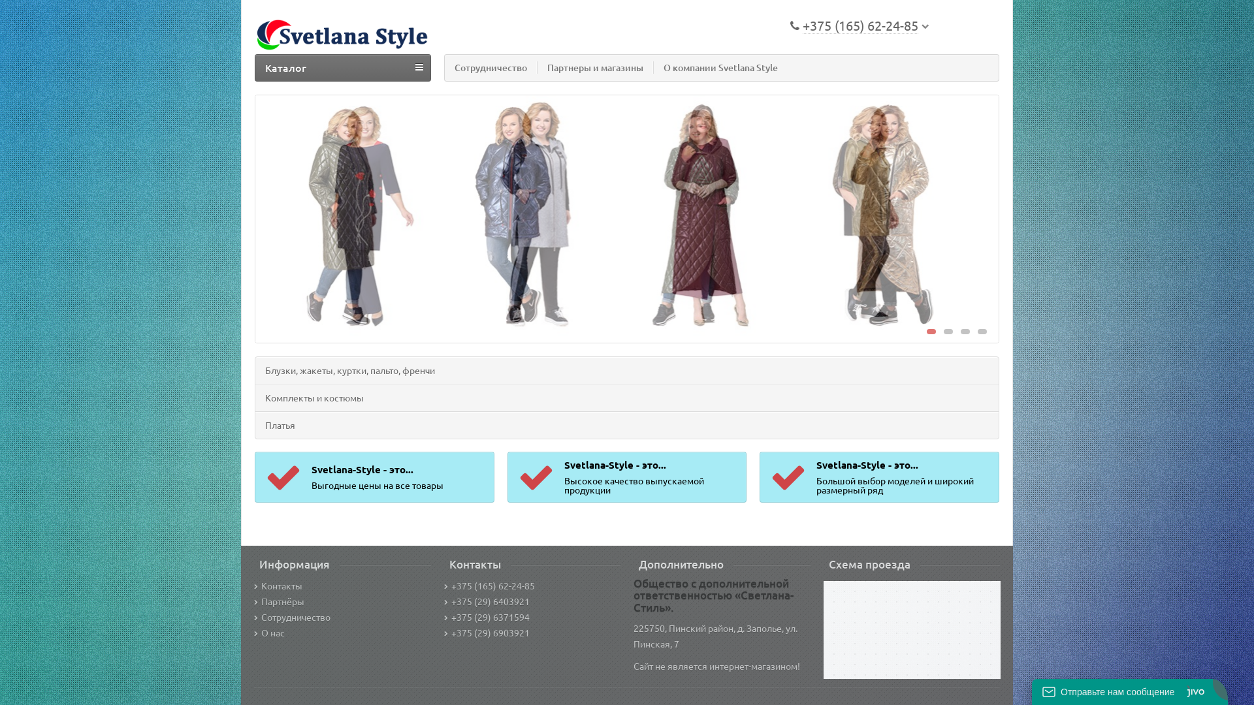 Image resolution: width=1254 pixels, height=705 pixels. I want to click on '+375 (29) 6403921', so click(486, 601).